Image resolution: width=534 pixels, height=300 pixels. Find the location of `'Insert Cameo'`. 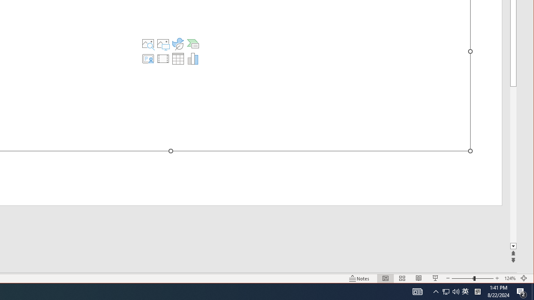

'Insert Cameo' is located at coordinates (148, 58).